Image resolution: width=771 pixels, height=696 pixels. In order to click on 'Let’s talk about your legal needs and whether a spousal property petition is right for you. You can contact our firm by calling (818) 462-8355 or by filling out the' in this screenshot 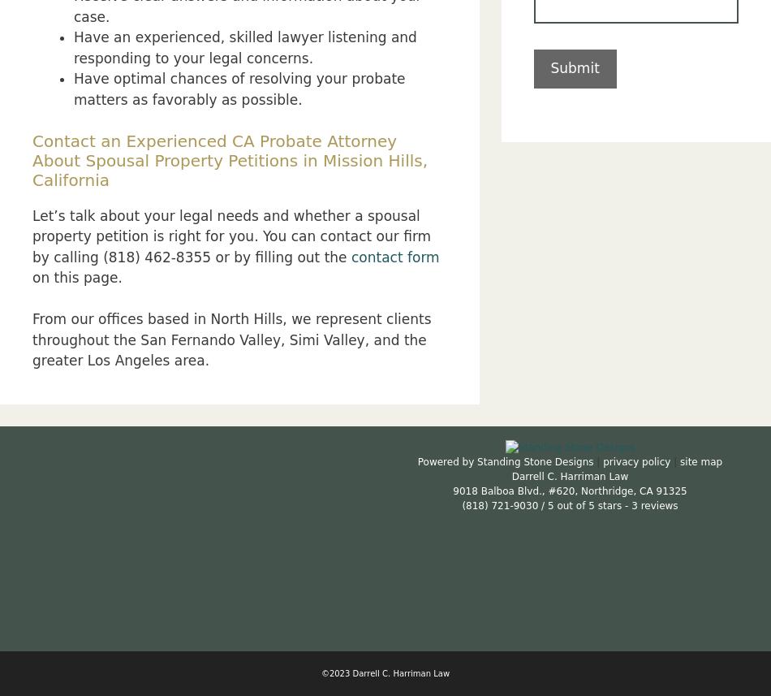, I will do `click(230, 235)`.